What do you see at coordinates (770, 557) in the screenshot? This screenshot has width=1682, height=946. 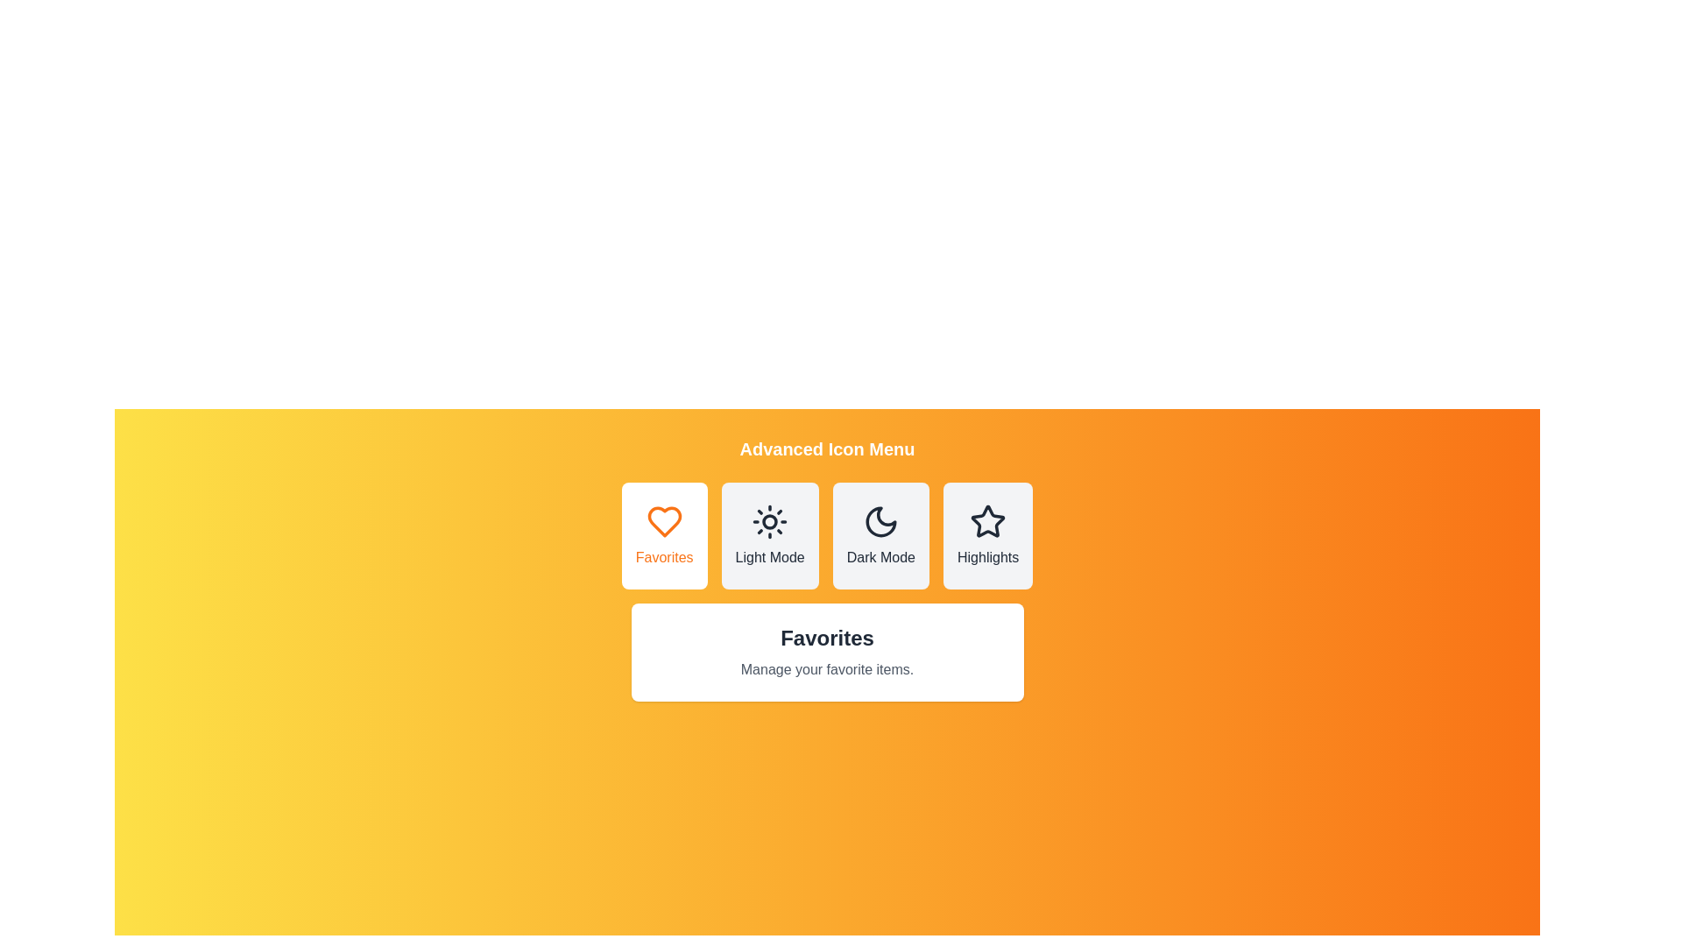 I see `text label displaying 'Light Mode' located within the button-like component in the Advanced Icon Menu` at bounding box center [770, 557].